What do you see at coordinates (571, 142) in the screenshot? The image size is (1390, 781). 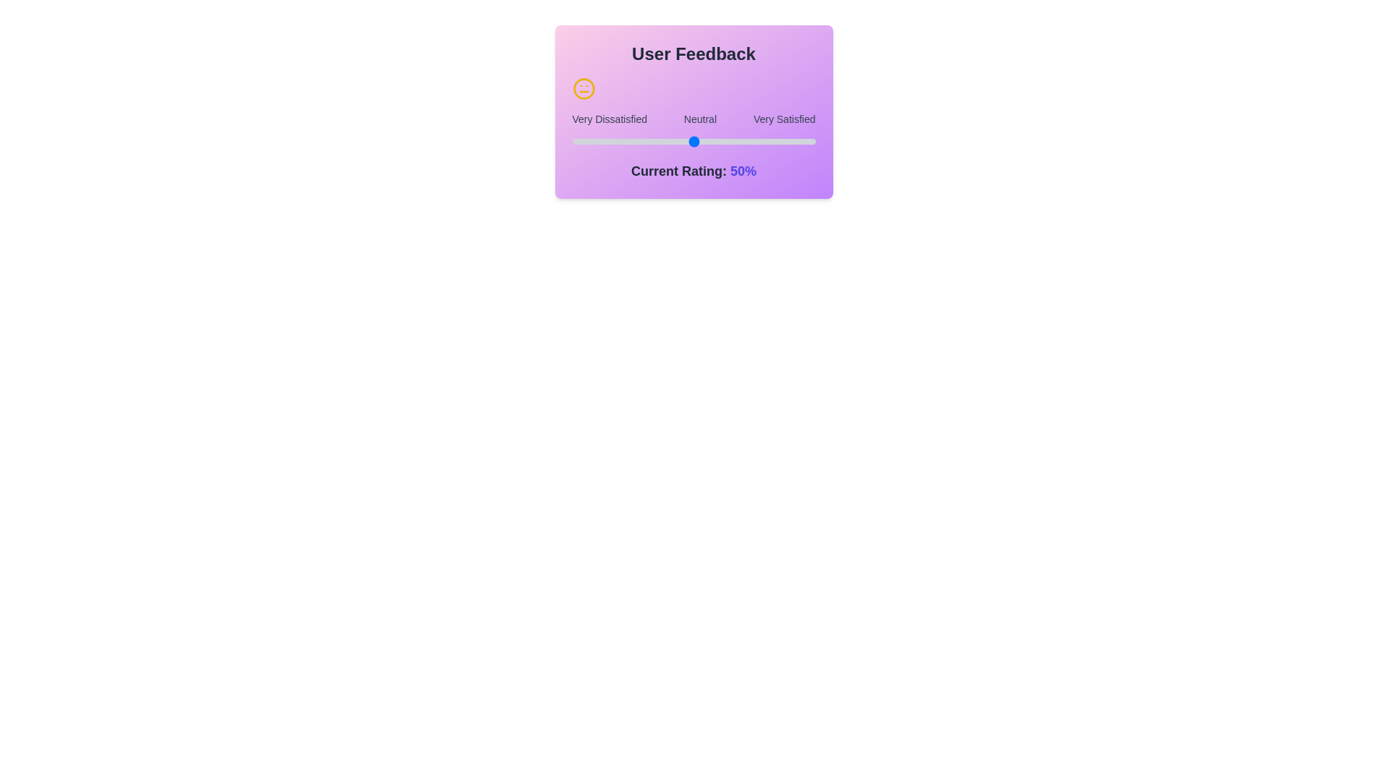 I see `the slider to set the rating to 0%` at bounding box center [571, 142].